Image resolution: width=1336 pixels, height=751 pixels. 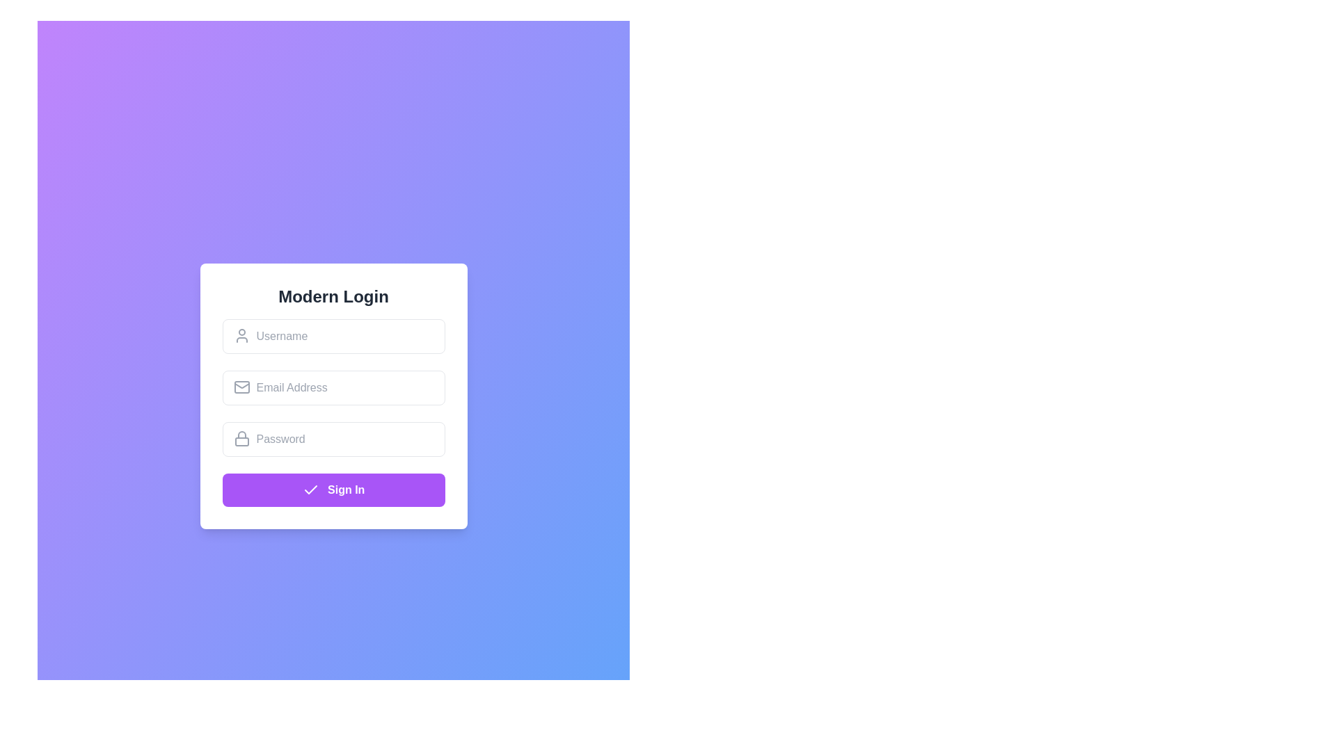 What do you see at coordinates (241, 387) in the screenshot?
I see `the stylized envelope icon representing an email, located inside the email input field at the upper-left corner` at bounding box center [241, 387].